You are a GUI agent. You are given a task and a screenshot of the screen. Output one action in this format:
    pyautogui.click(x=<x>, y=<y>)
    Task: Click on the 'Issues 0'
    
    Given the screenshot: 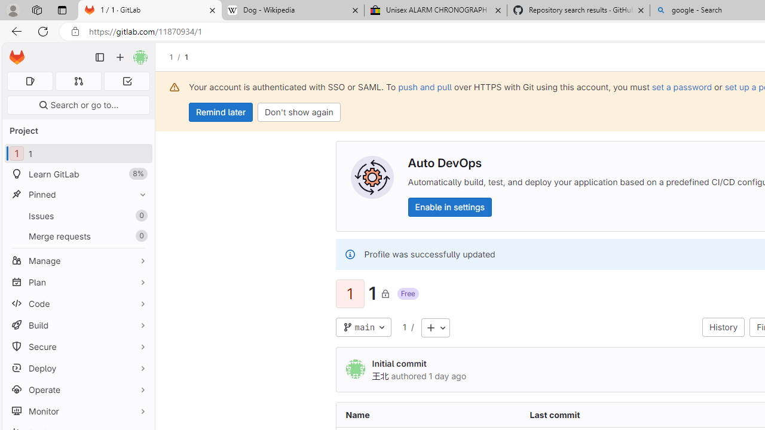 What is the action you would take?
    pyautogui.click(x=78, y=216)
    